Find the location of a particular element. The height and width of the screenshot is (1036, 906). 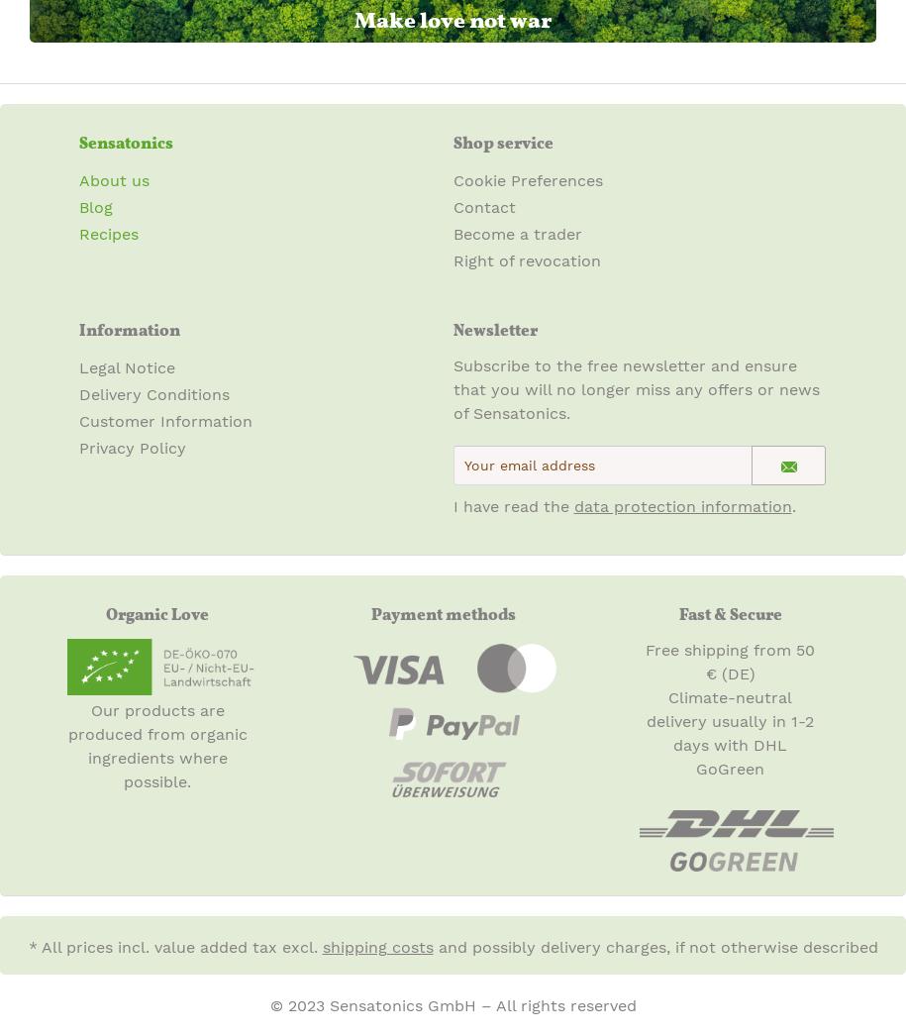

'Organic Love' is located at coordinates (105, 615).